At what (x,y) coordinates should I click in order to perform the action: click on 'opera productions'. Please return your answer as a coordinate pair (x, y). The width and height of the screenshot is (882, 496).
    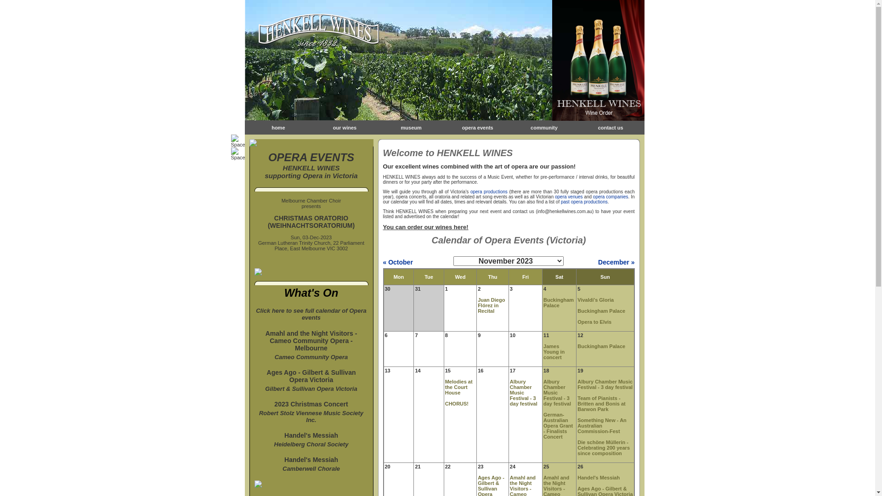
    Looking at the image, I should click on (488, 191).